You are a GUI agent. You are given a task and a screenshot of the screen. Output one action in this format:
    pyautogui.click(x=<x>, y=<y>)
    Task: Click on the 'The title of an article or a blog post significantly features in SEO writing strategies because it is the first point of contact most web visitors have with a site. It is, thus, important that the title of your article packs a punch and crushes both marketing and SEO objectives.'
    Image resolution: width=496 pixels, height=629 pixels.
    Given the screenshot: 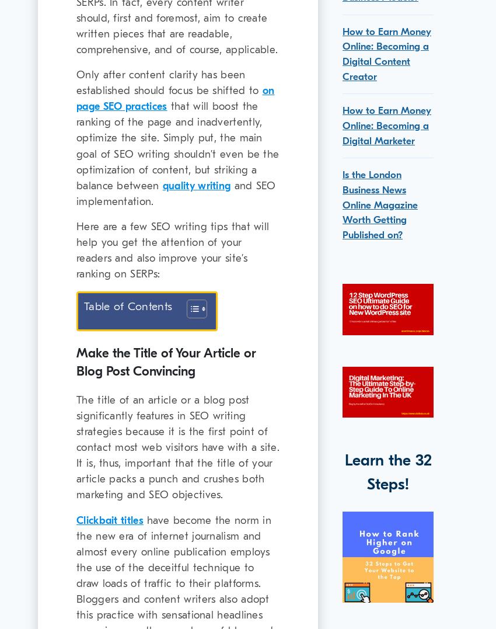 What is the action you would take?
    pyautogui.click(x=177, y=446)
    